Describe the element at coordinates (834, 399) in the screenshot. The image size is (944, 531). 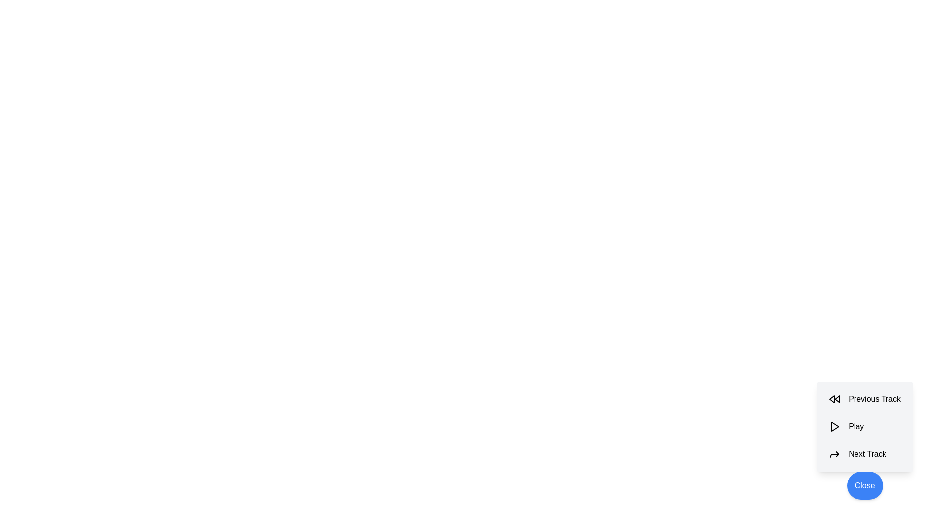
I see `the SVG icon within the 'Previous Track' button` at that location.